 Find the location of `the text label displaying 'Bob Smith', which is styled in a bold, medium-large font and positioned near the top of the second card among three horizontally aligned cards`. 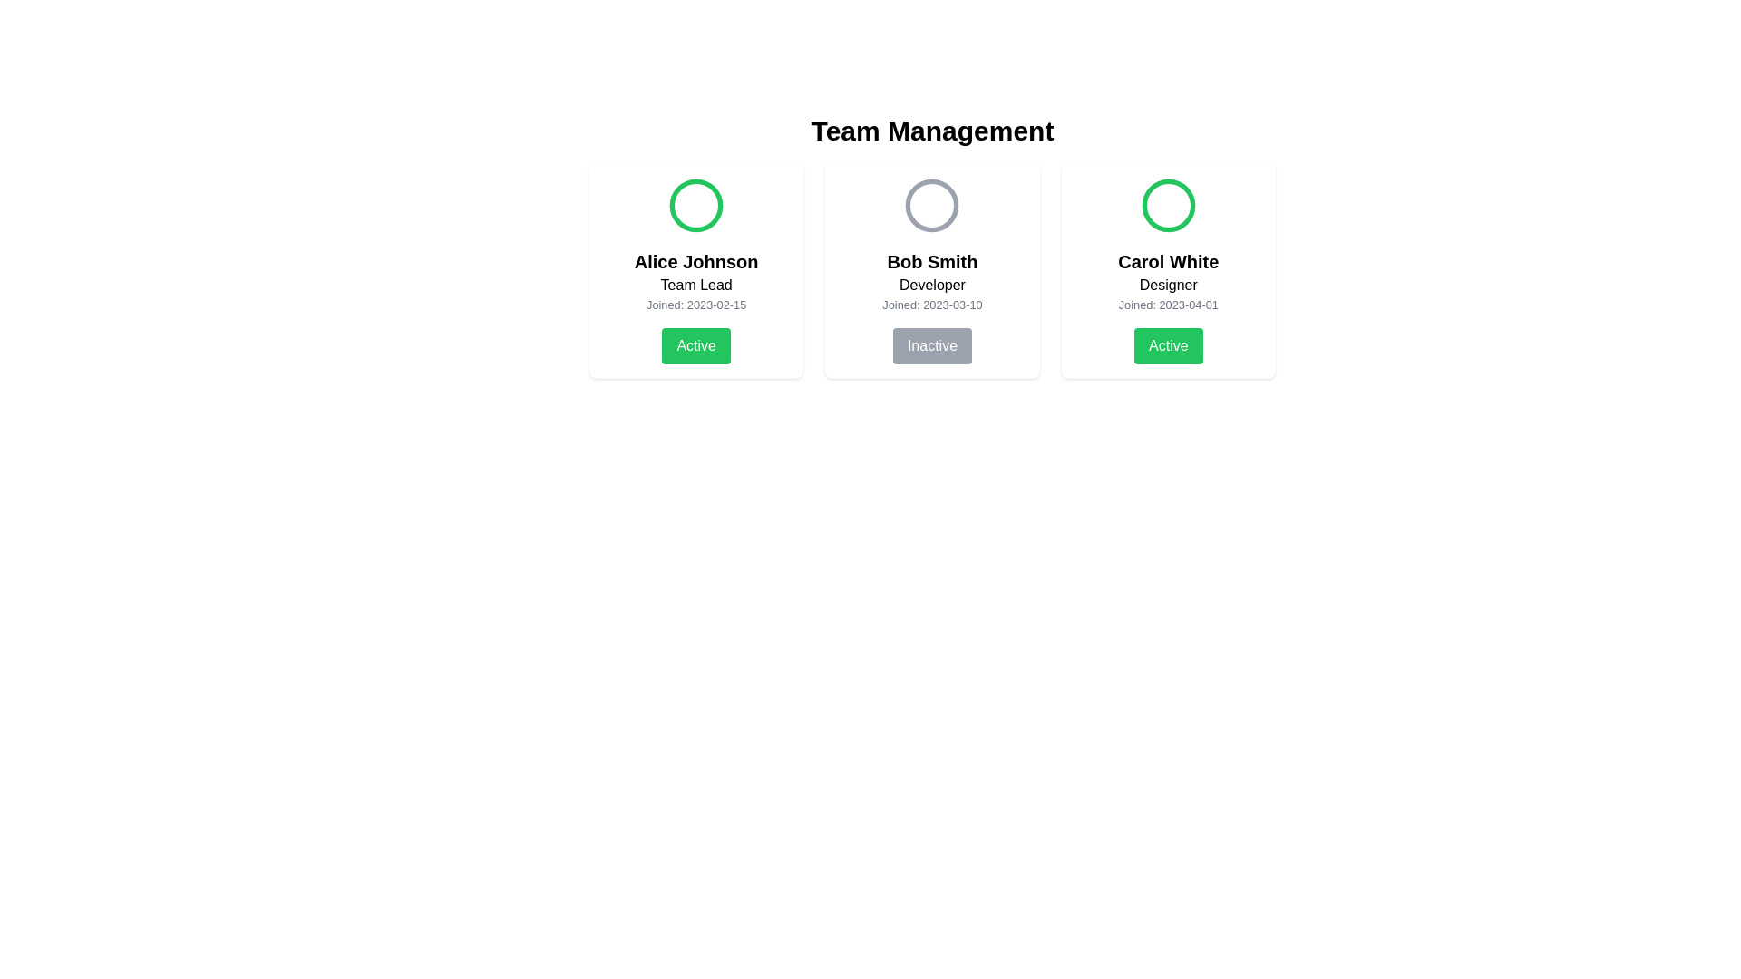

the text label displaying 'Bob Smith', which is styled in a bold, medium-large font and positioned near the top of the second card among three horizontally aligned cards is located at coordinates (932, 262).